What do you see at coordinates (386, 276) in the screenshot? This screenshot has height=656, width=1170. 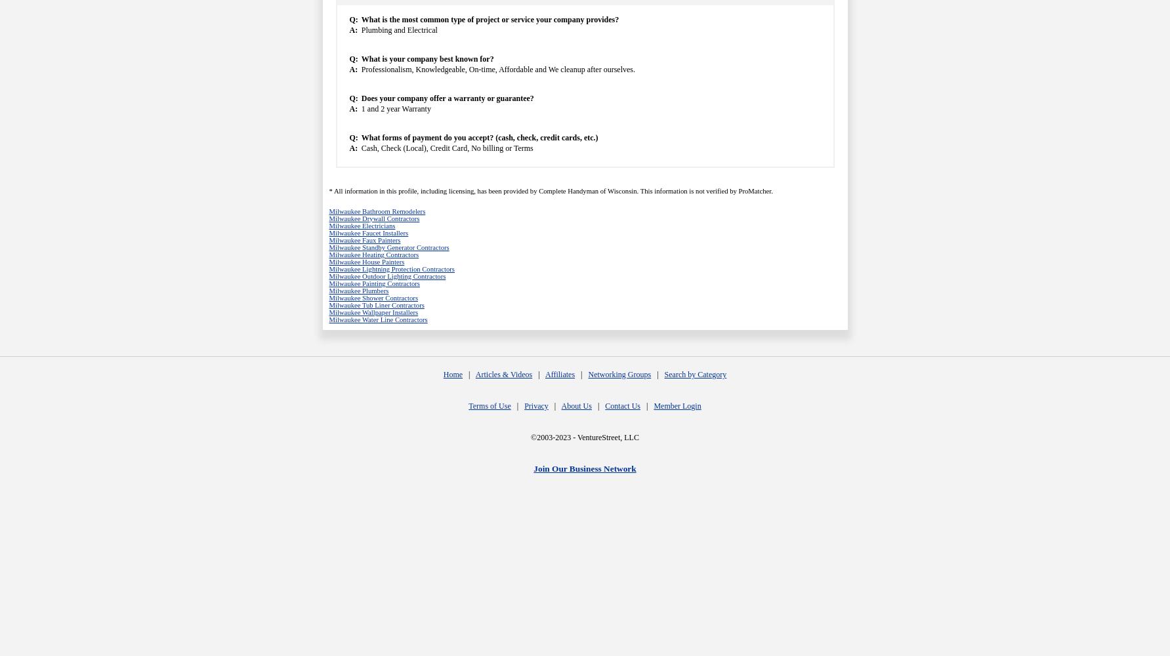 I see `'Milwaukee Outdoor Lighting Contractors'` at bounding box center [386, 276].